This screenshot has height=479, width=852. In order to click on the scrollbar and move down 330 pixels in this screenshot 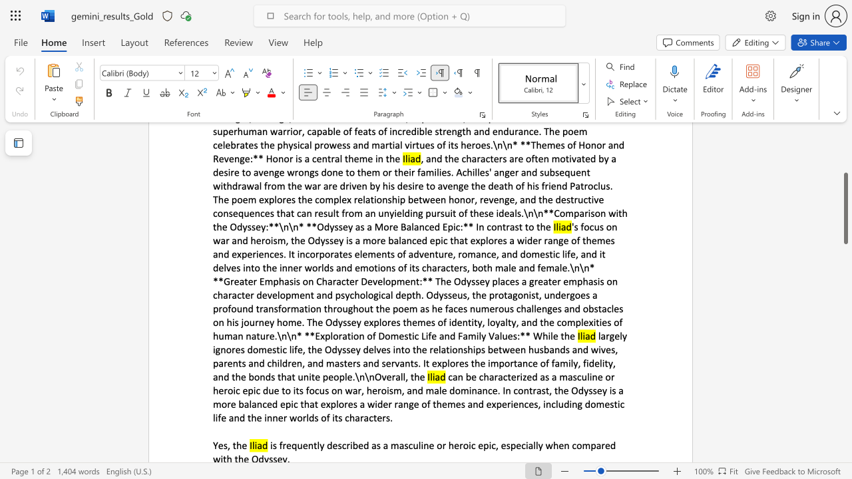, I will do `click(845, 208)`.